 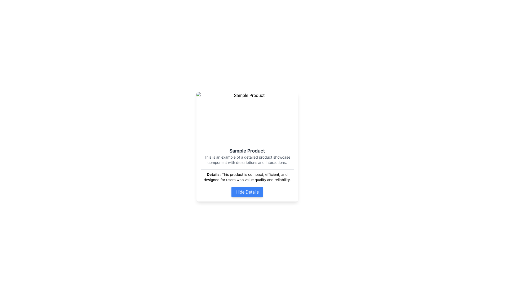 What do you see at coordinates (247, 160) in the screenshot?
I see `the Text Label element that reads: 'This is an example of a detailed product showcase component with descriptions and interactions.', located below the title 'Sample Product'` at bounding box center [247, 160].